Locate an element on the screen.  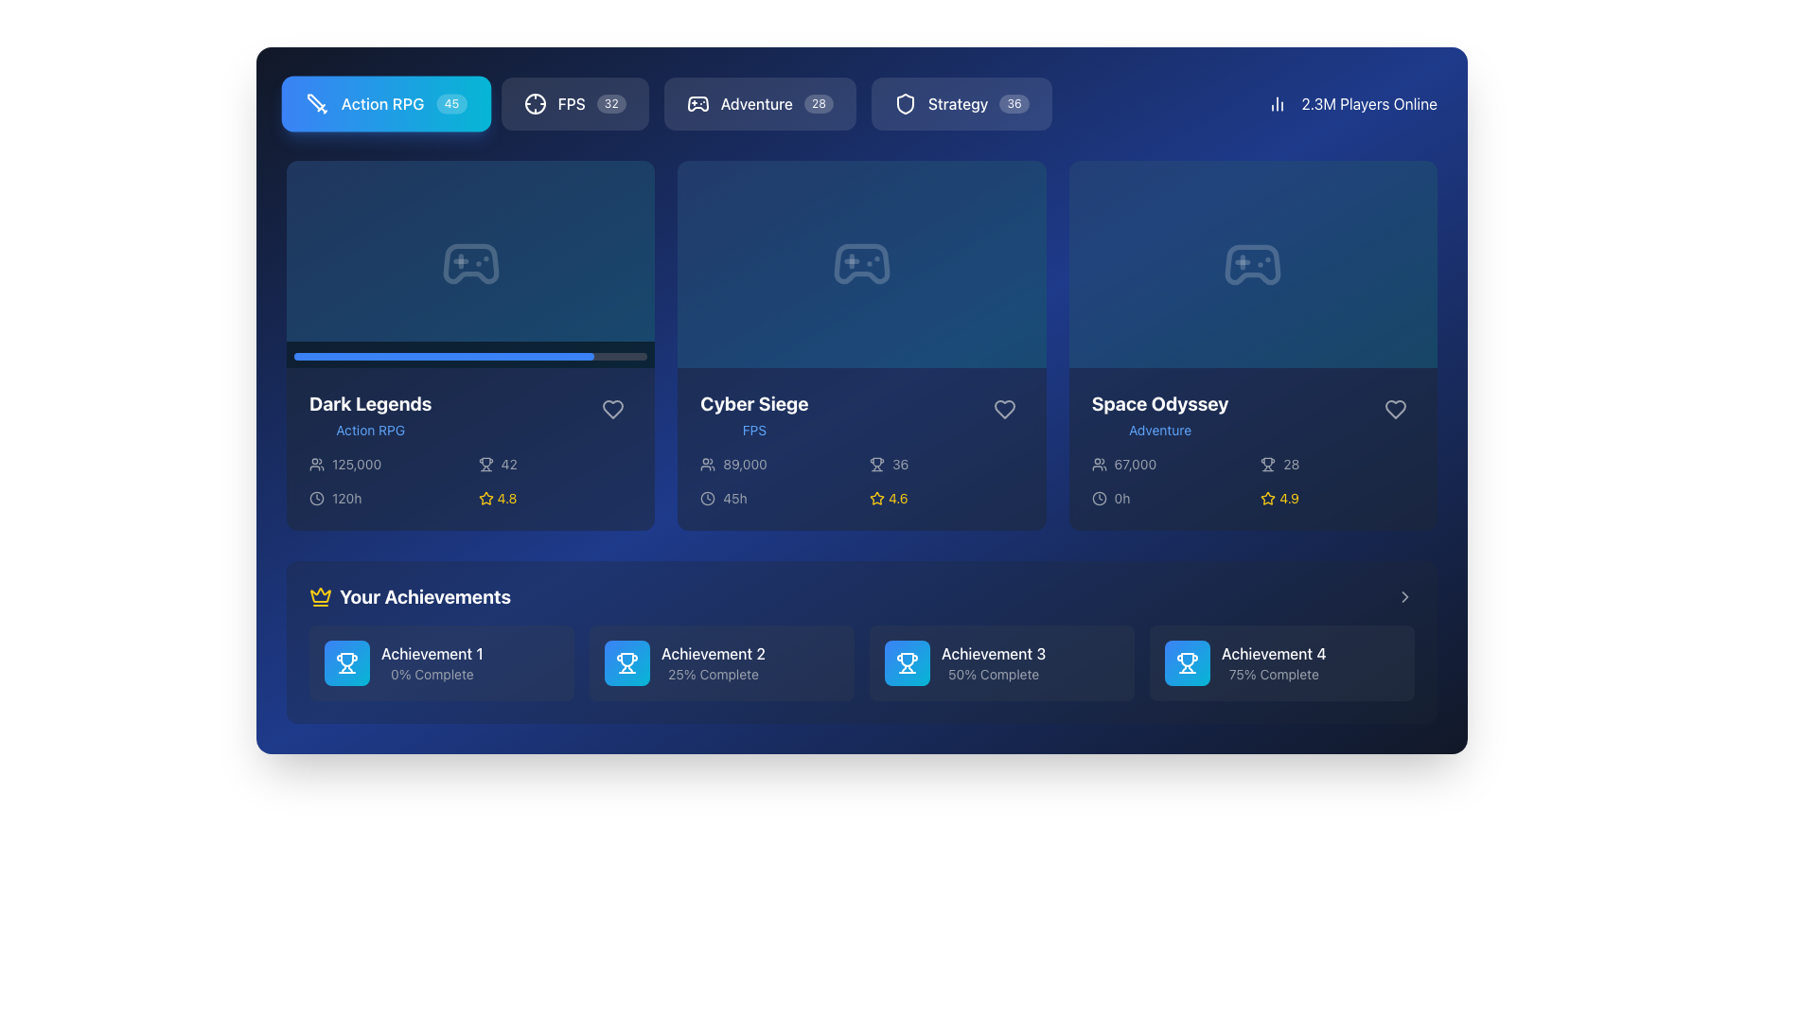
the Header Section displaying 'Your Achievements' with a crown icon by moving the cursor to its center point is located at coordinates (861, 597).